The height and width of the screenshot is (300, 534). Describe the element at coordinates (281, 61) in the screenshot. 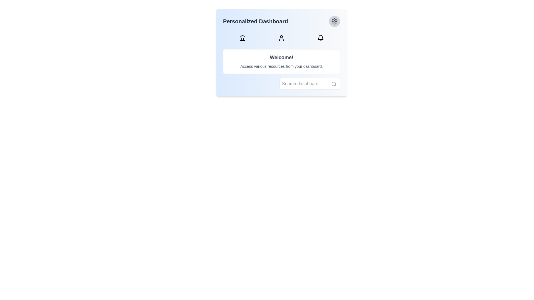

I see `the label displaying 'Welcome!' and 'Access various resources from your dashboard.' which is centrally located in the white rectangular card` at that location.